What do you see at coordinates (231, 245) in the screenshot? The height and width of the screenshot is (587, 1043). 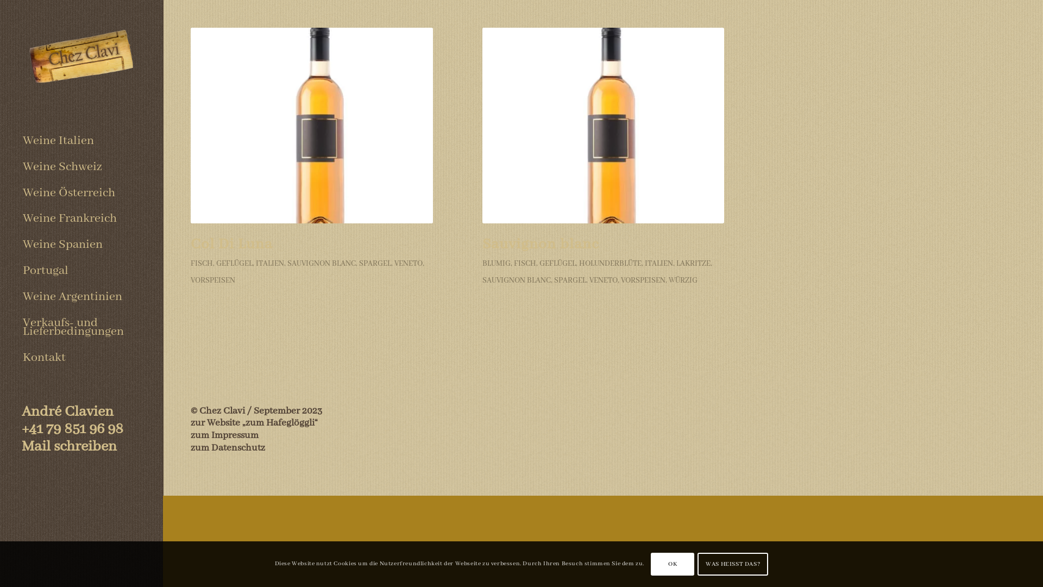 I see `'Col Di Luna'` at bounding box center [231, 245].